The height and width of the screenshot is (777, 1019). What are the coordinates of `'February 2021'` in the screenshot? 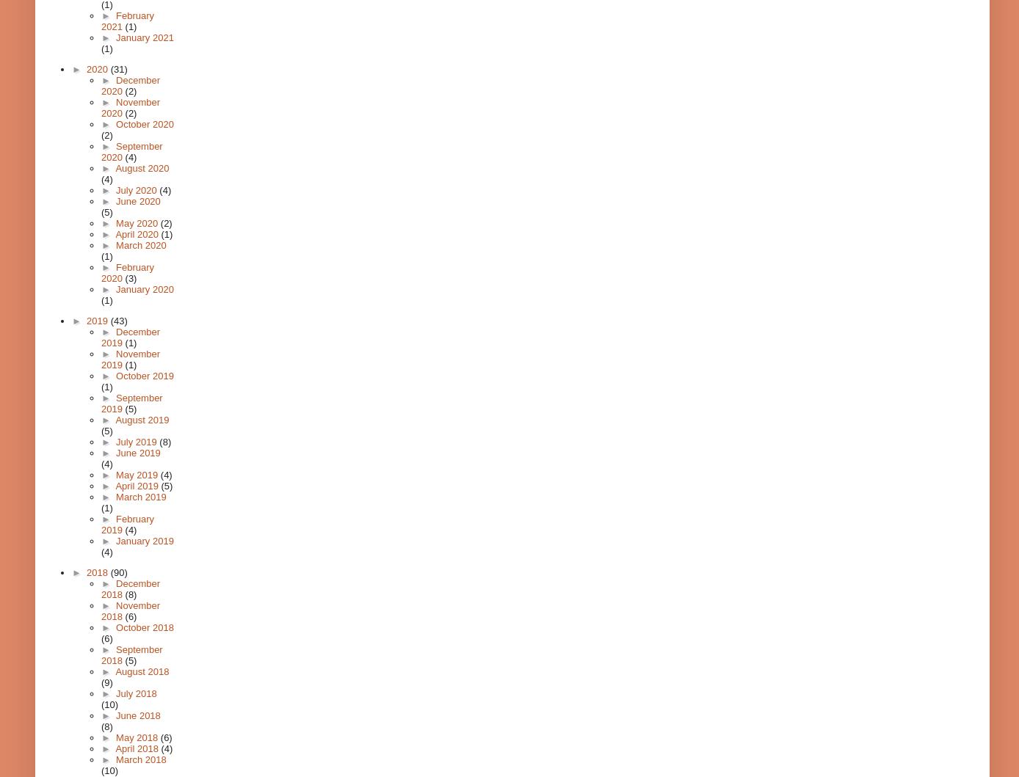 It's located at (128, 21).